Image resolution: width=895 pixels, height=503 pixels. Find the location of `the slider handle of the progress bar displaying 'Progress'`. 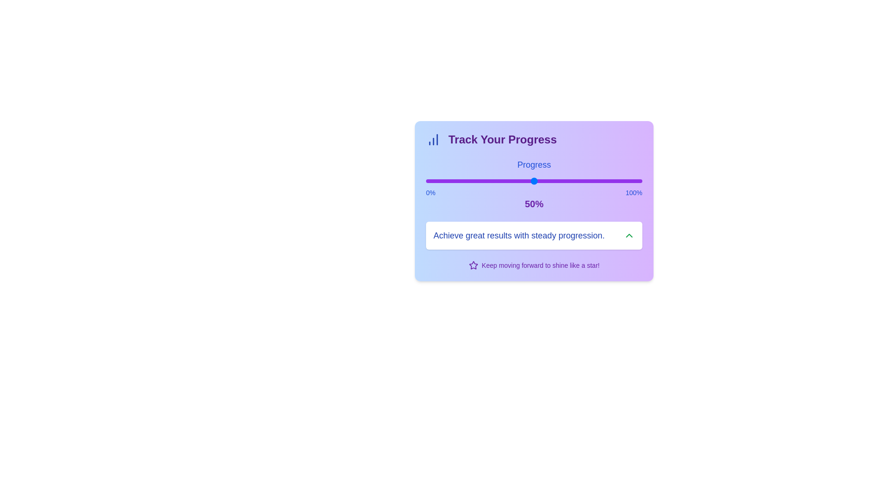

the slider handle of the progress bar displaying 'Progress' is located at coordinates (534, 184).